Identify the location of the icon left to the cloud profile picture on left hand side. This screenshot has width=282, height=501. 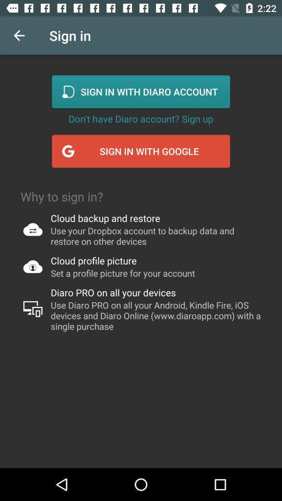
(33, 266).